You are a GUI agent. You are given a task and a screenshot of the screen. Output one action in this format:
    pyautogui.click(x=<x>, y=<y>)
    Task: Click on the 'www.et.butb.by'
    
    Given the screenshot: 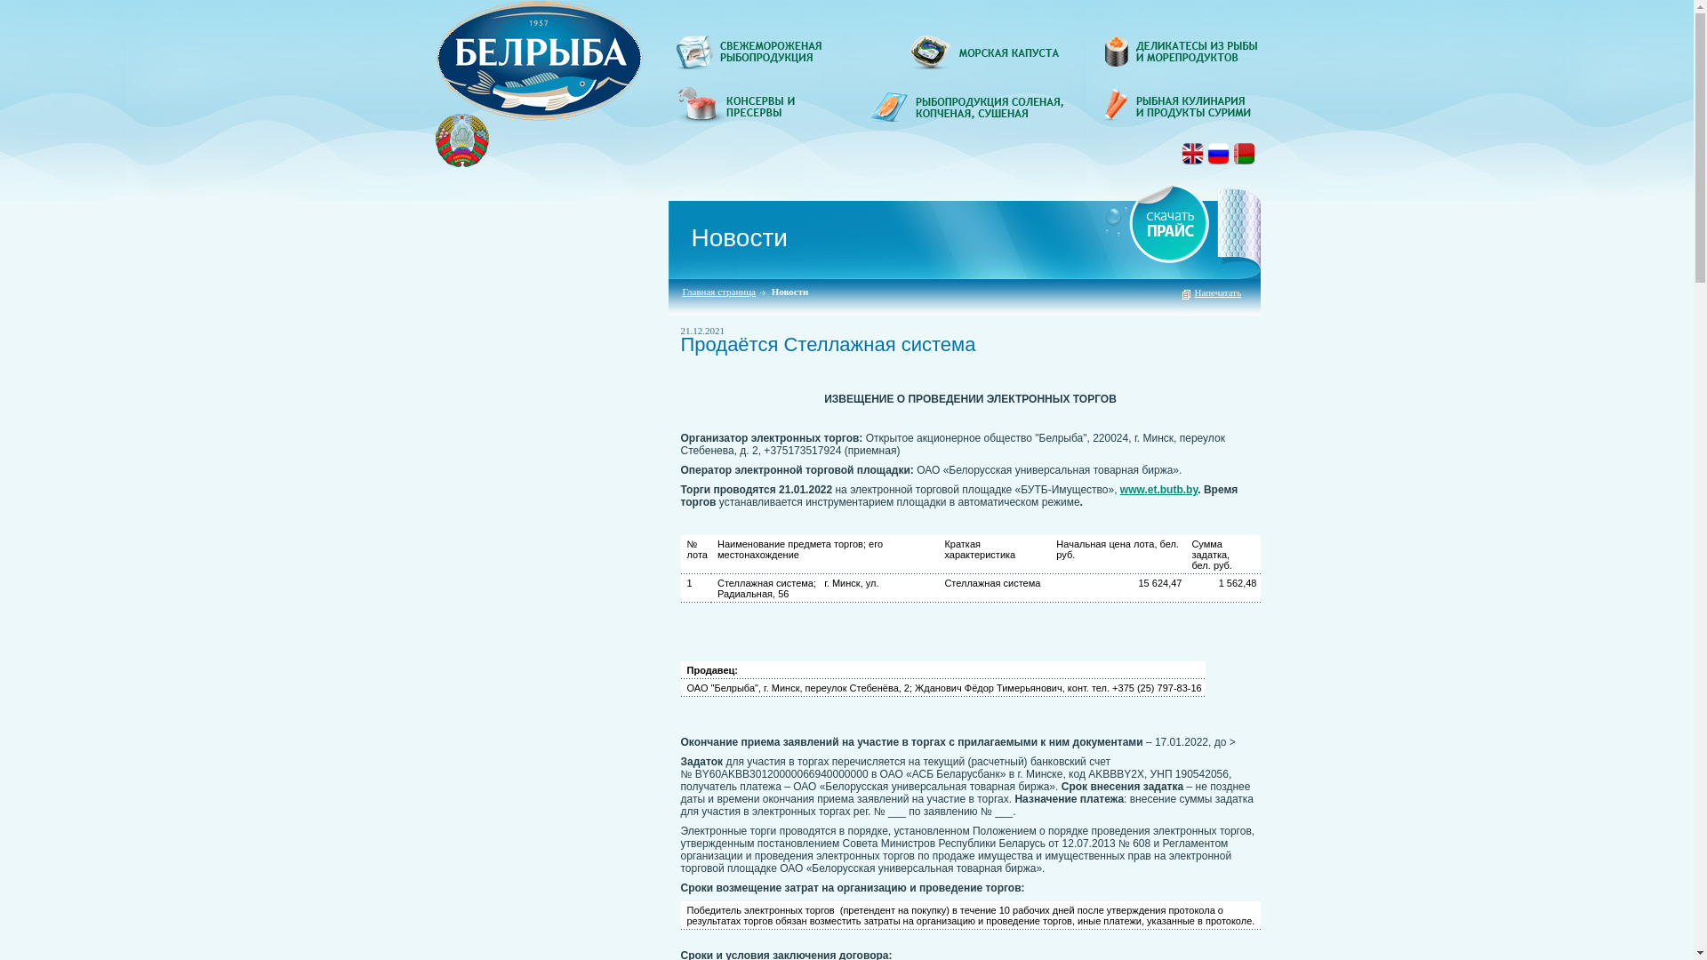 What is the action you would take?
    pyautogui.click(x=1158, y=490)
    